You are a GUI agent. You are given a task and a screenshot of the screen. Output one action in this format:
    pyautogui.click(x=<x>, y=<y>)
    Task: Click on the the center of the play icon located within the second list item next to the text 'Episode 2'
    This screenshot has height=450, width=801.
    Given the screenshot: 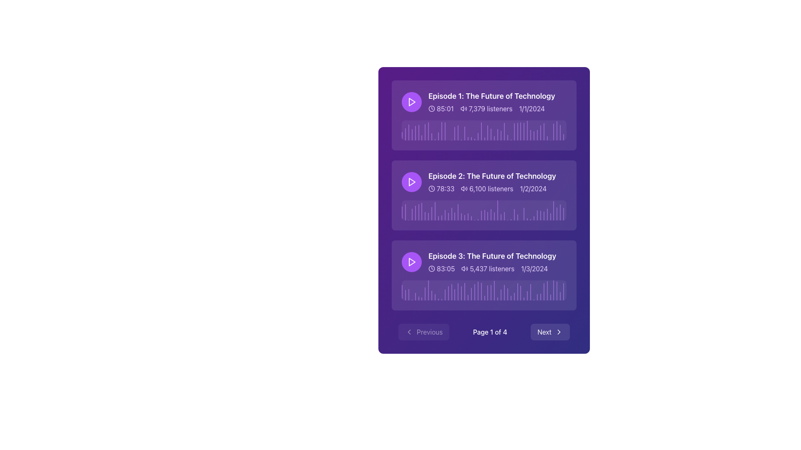 What is the action you would take?
    pyautogui.click(x=412, y=181)
    